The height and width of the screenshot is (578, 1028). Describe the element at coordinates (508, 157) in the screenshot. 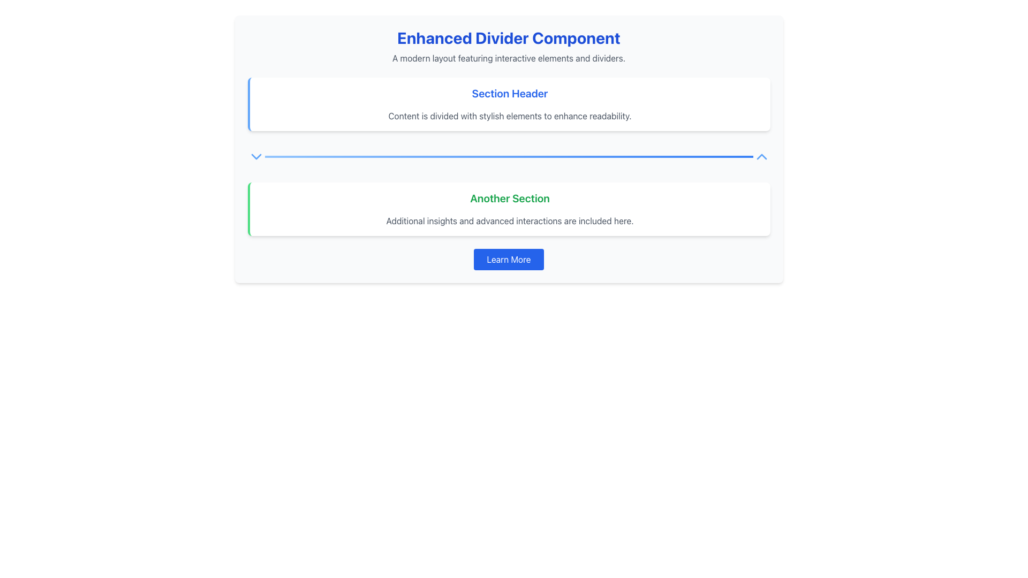

I see `the Horizontal Gradient Divider Line as a visual separator between sections of content, located centrally beneath the downward arrow icon and above the upward arrow icon` at that location.